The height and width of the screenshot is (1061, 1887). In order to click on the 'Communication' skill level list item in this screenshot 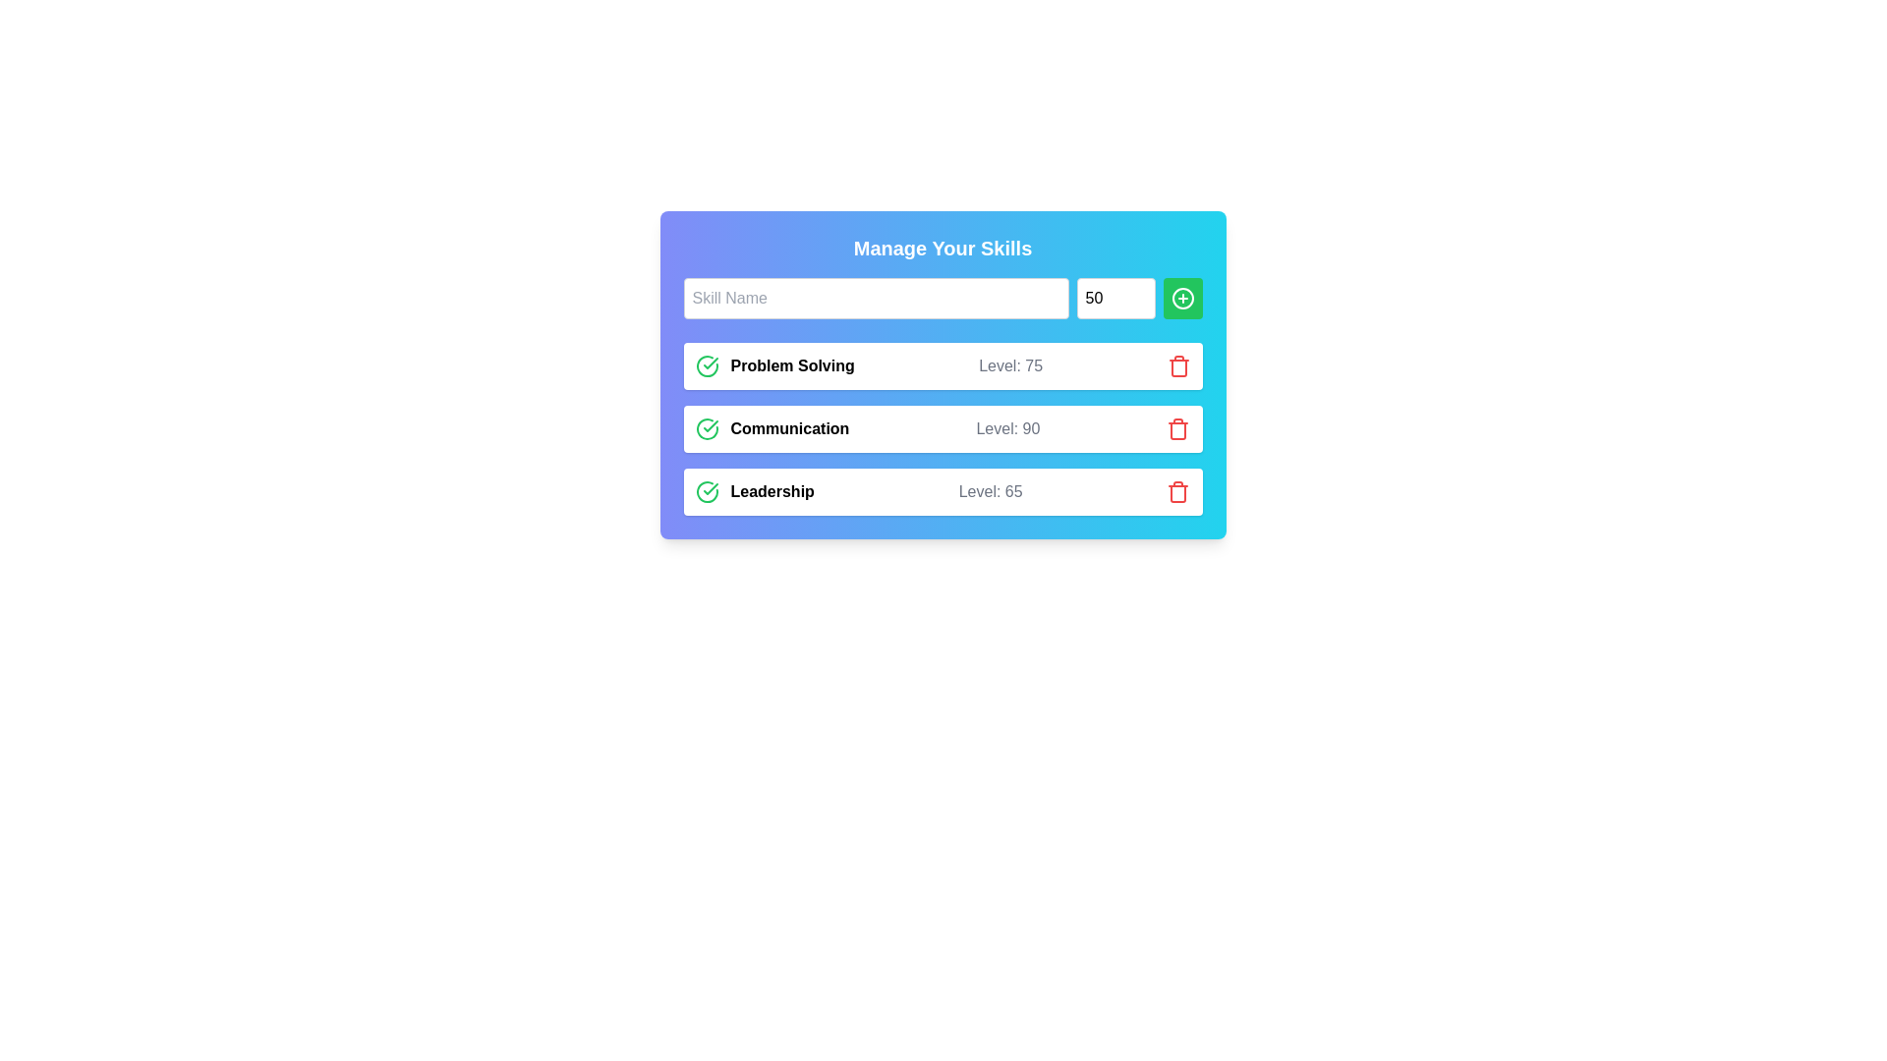, I will do `click(942, 427)`.